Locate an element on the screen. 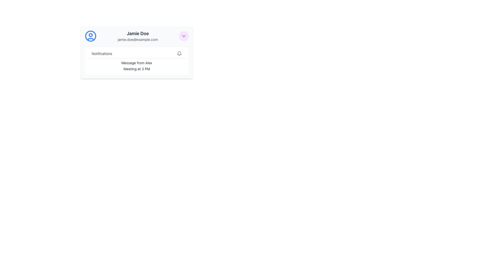 The image size is (481, 271). the blue circular outline of the user profile icon located at the top-left corner of the user information card is located at coordinates (90, 36).